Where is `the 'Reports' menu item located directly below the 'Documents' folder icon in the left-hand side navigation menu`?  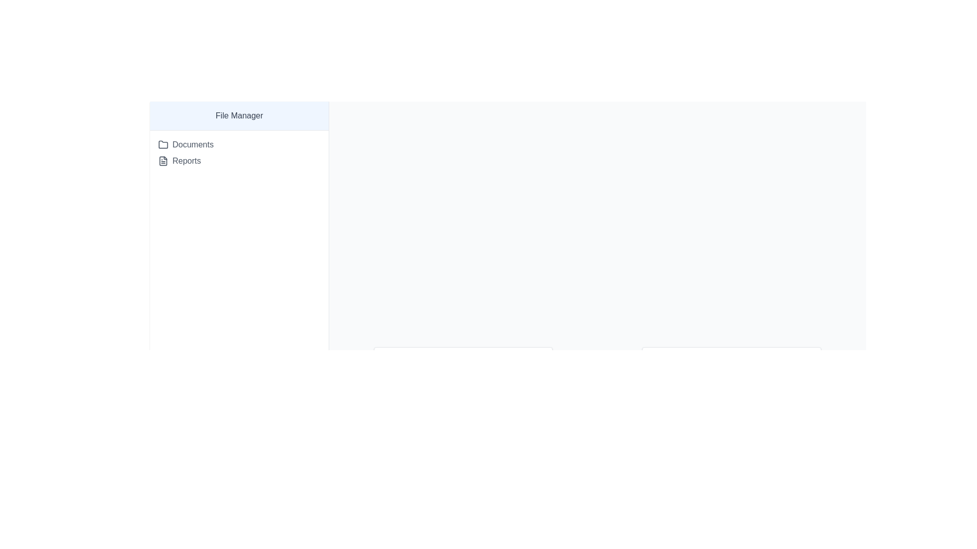 the 'Reports' menu item located directly below the 'Documents' folder icon in the left-hand side navigation menu is located at coordinates (180, 160).